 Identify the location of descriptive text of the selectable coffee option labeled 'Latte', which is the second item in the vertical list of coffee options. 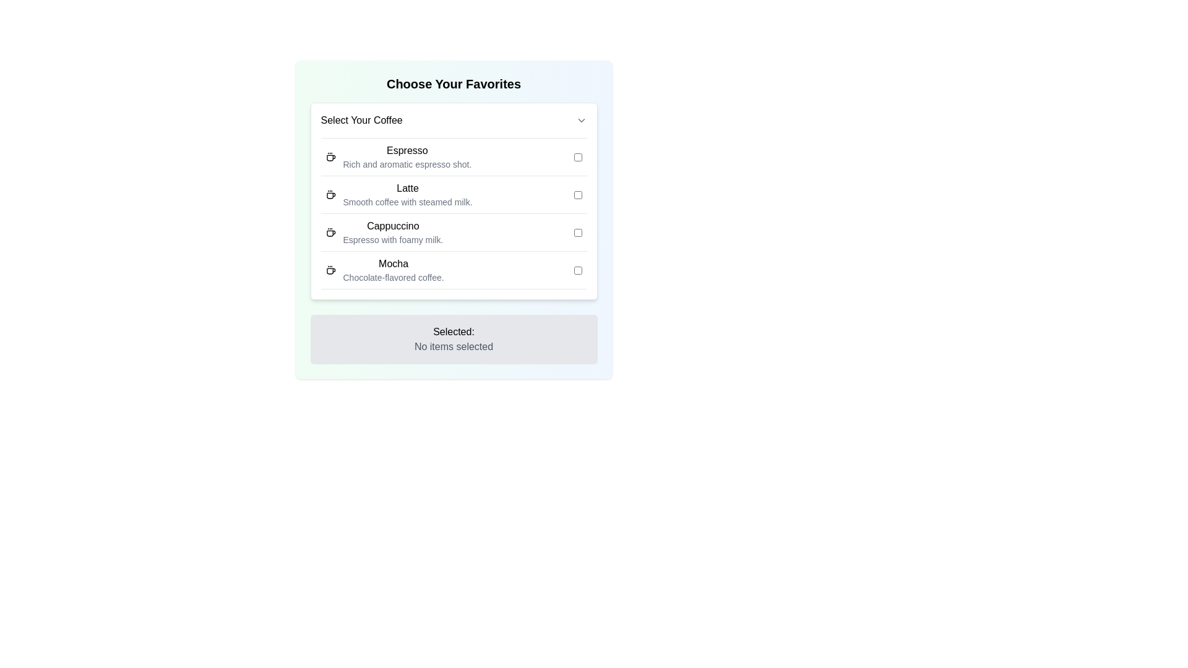
(453, 195).